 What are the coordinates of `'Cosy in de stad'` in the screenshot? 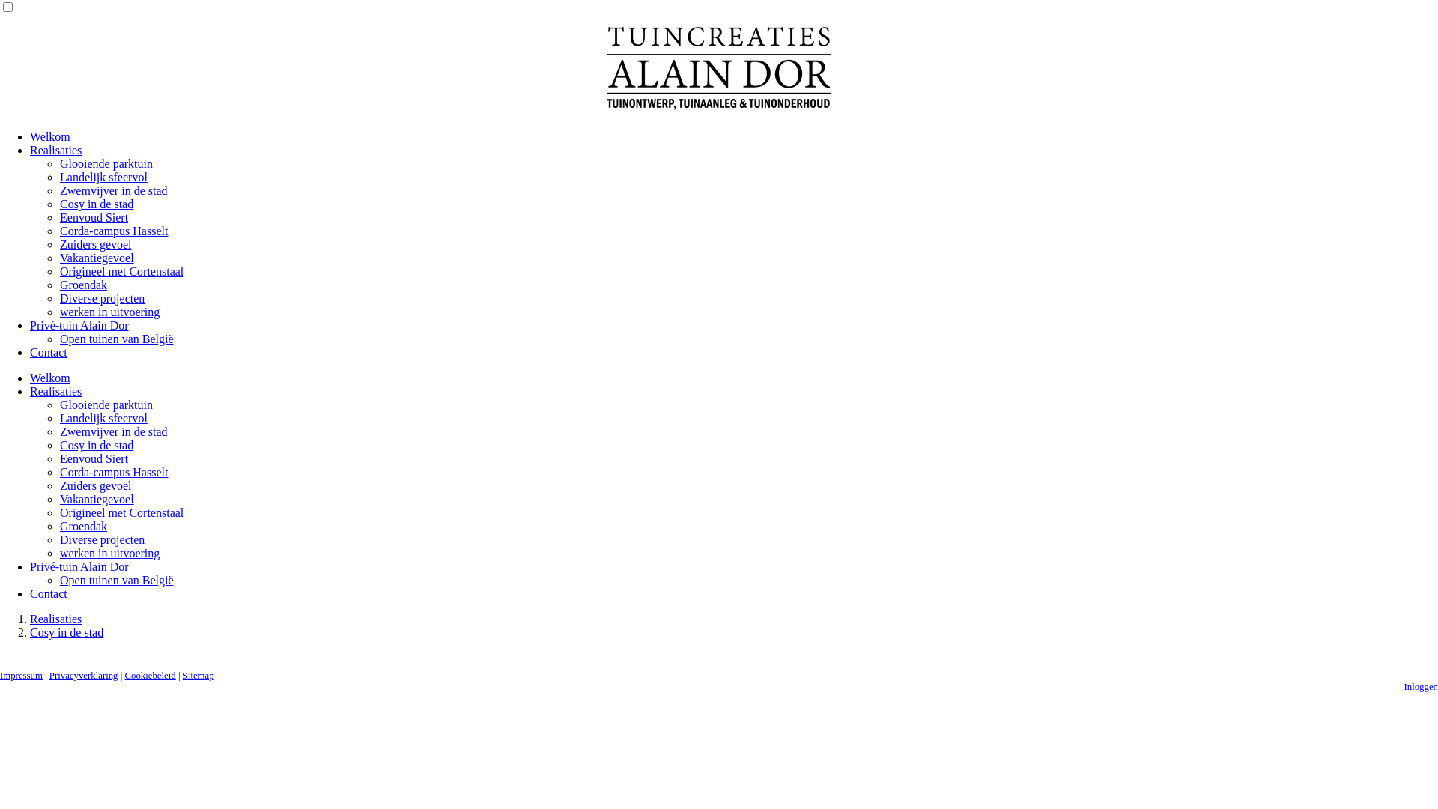 It's located at (66, 632).